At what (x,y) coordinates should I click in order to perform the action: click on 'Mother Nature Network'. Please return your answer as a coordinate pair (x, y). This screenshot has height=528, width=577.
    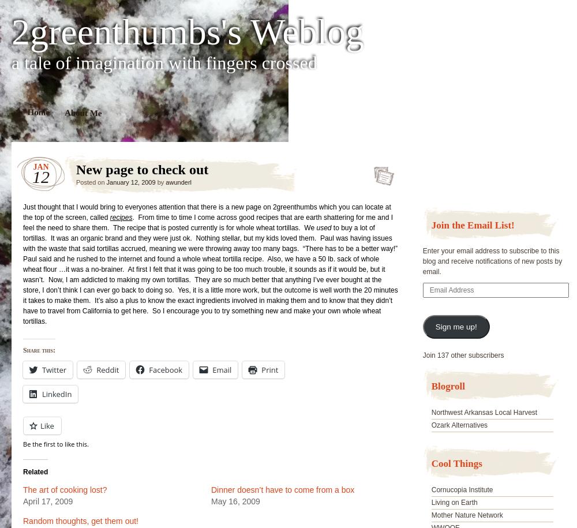
    Looking at the image, I should click on (467, 515).